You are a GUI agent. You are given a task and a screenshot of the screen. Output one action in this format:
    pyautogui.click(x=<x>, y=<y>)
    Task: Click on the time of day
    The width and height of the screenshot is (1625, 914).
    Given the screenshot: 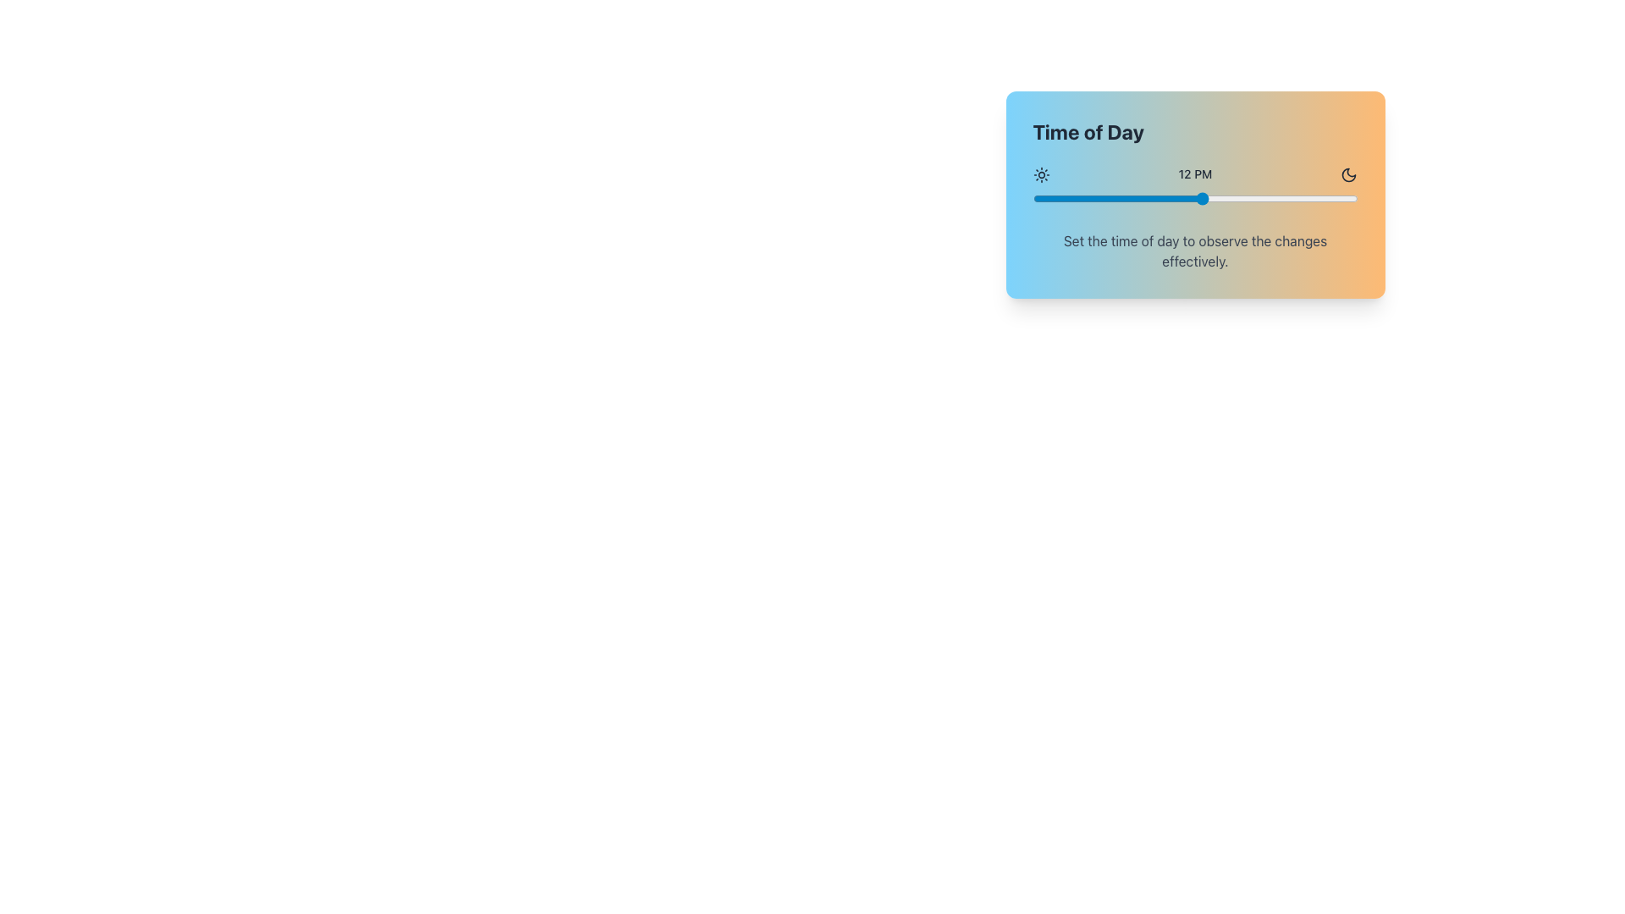 What is the action you would take?
    pyautogui.click(x=1231, y=198)
    